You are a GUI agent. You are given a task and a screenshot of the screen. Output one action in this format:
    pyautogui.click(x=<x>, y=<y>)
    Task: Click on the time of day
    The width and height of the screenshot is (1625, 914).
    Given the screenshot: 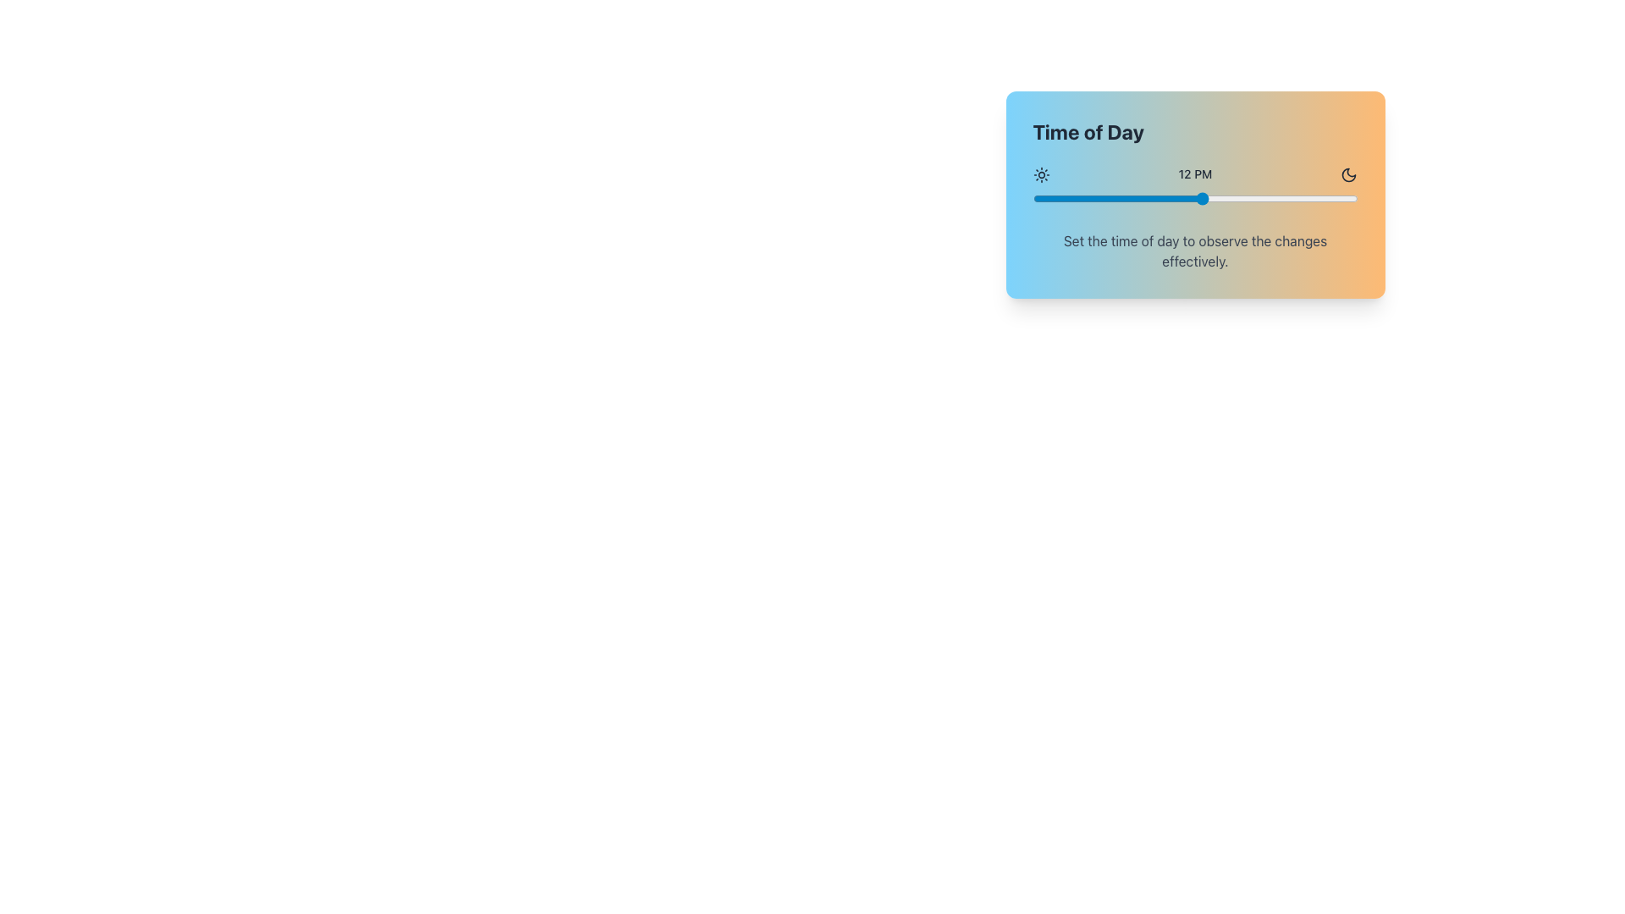 What is the action you would take?
    pyautogui.click(x=1231, y=198)
    